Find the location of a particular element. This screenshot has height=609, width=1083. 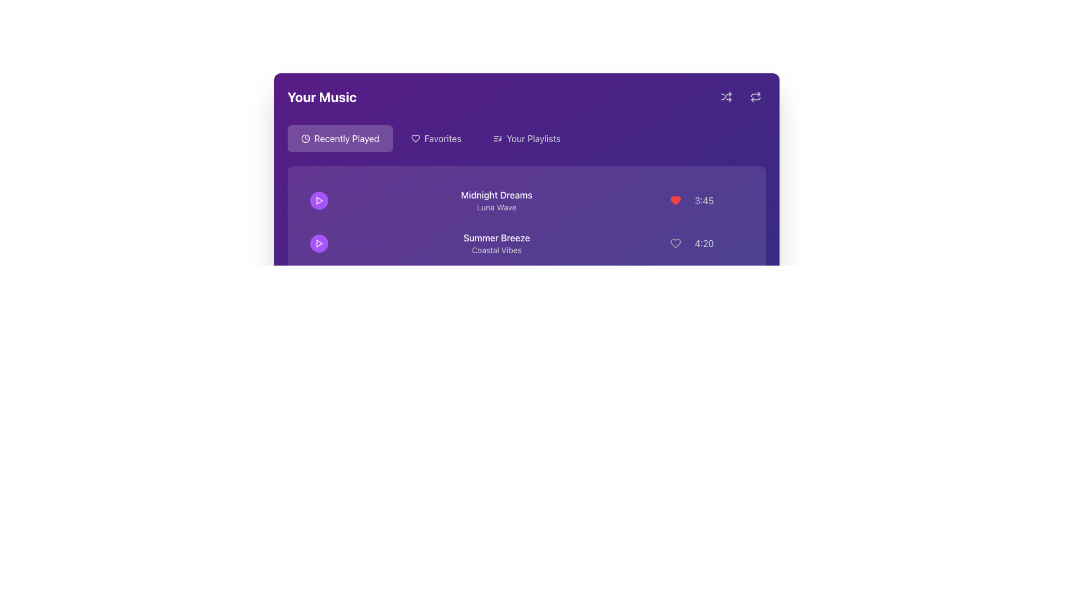

the first button in the horizontal menu, which navigates to the Recently Played section is located at coordinates (340, 138).